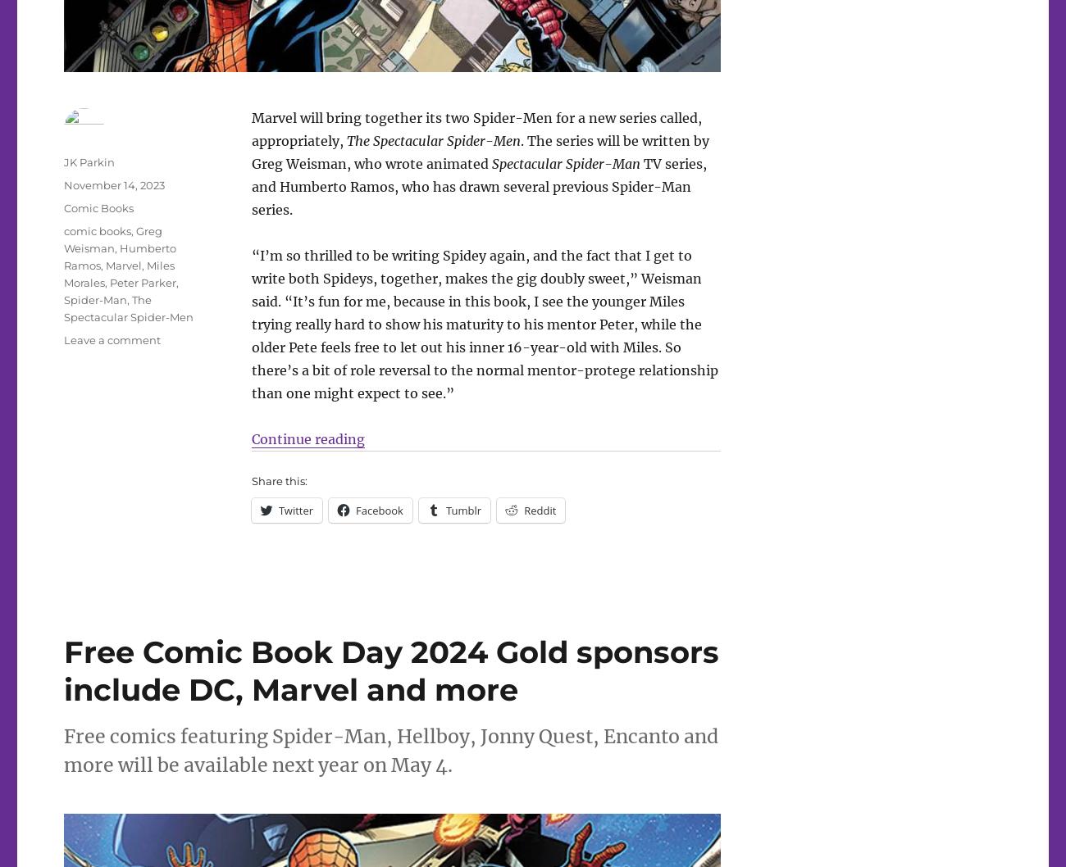 This screenshot has width=1066, height=867. Describe the element at coordinates (462, 509) in the screenshot. I see `'Tumblr'` at that location.